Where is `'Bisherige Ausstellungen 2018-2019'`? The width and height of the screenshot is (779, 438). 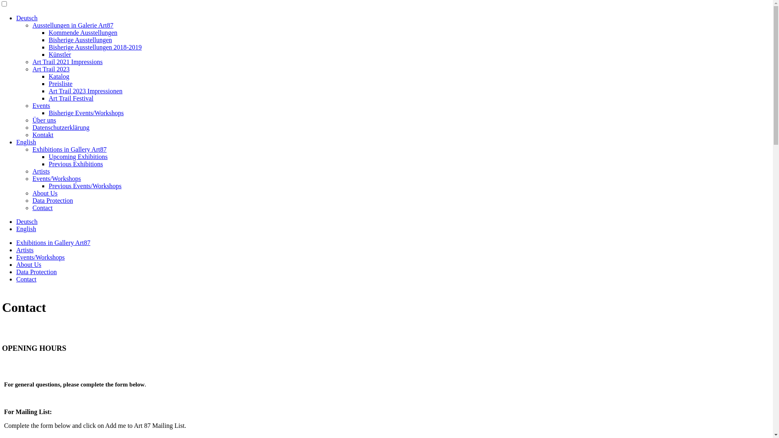 'Bisherige Ausstellungen 2018-2019' is located at coordinates (95, 47).